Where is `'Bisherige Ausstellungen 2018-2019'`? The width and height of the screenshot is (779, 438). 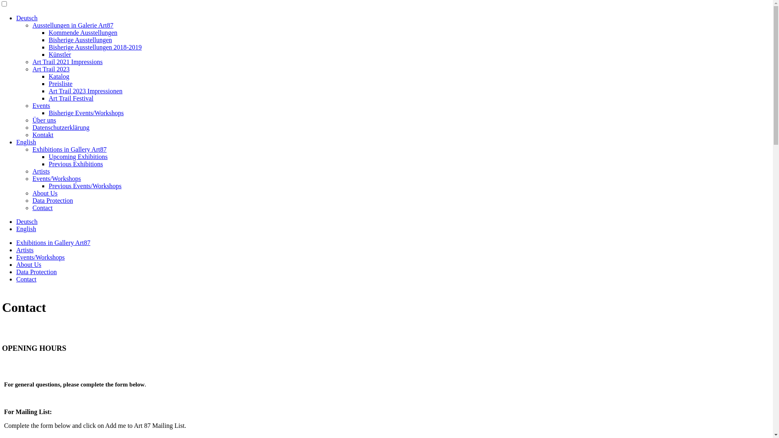 'Bisherige Ausstellungen 2018-2019' is located at coordinates (95, 47).